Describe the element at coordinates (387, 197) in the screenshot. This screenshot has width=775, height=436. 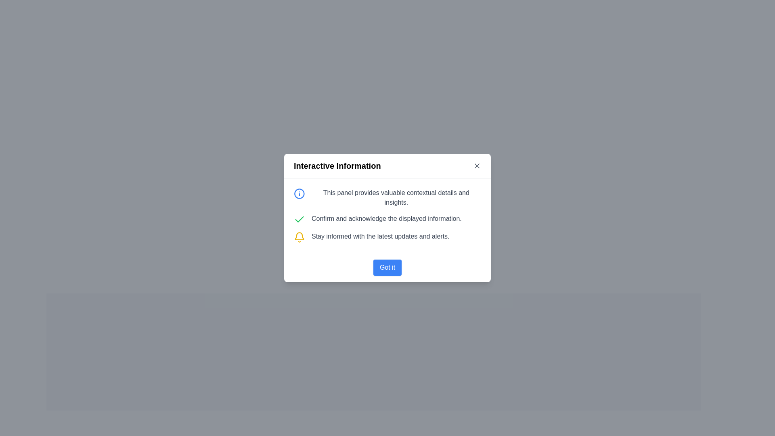
I see `the informational text element at the top of the box that provides contextual information and guidance, which is the first of three stacked sections` at that location.